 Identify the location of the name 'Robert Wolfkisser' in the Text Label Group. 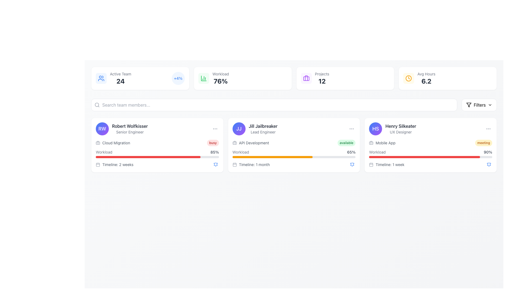
(129, 129).